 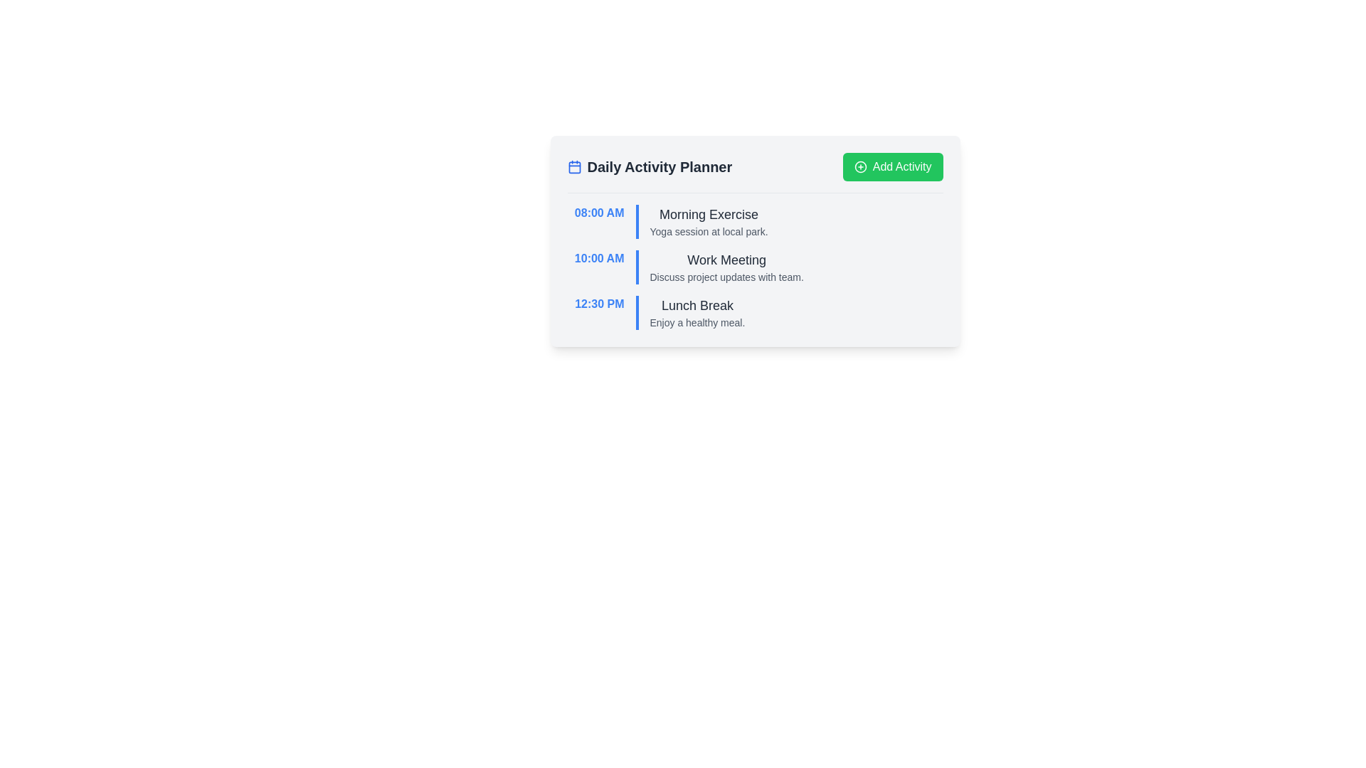 I want to click on the icon representing the daily activity planner, which is located at the leftmost side of the text 'Daily Activity Planner' in the header area of the activity planner card, so click(x=574, y=166).